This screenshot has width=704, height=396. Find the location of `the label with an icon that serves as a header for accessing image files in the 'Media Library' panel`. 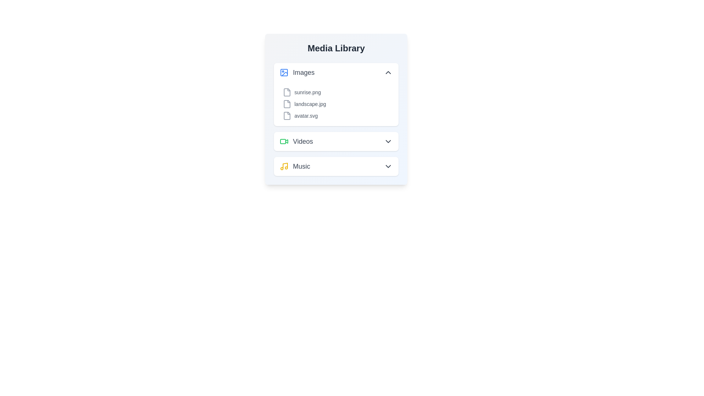

the label with an icon that serves as a header for accessing image files in the 'Media Library' panel is located at coordinates (297, 72).